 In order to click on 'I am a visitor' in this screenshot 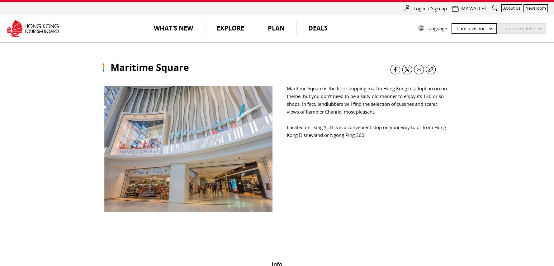, I will do `click(471, 28)`.